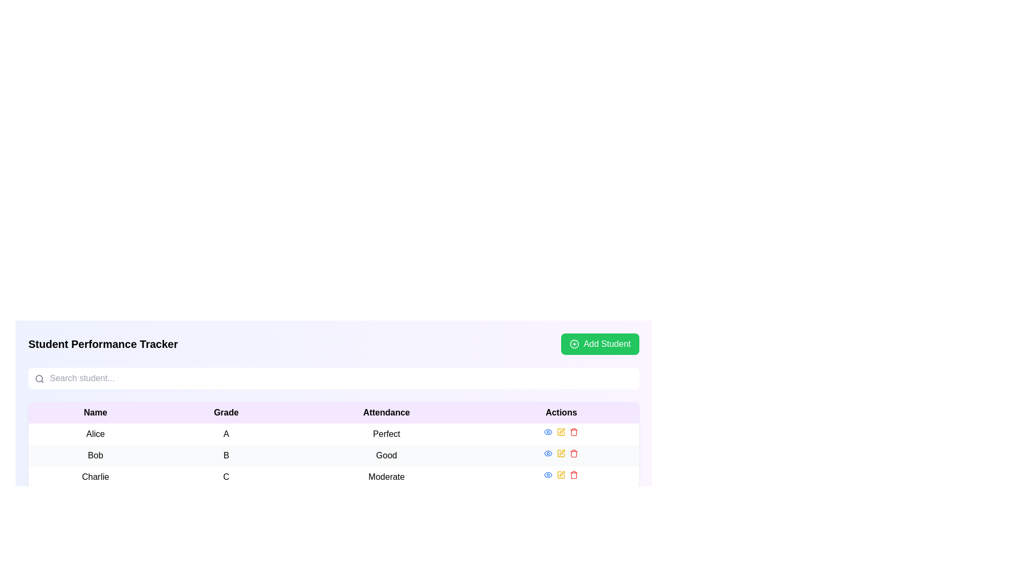  Describe the element at coordinates (386, 455) in the screenshot. I see `the text label displaying 'Good' in the 'Attendance' column of the table row associated with 'Bob'` at that location.